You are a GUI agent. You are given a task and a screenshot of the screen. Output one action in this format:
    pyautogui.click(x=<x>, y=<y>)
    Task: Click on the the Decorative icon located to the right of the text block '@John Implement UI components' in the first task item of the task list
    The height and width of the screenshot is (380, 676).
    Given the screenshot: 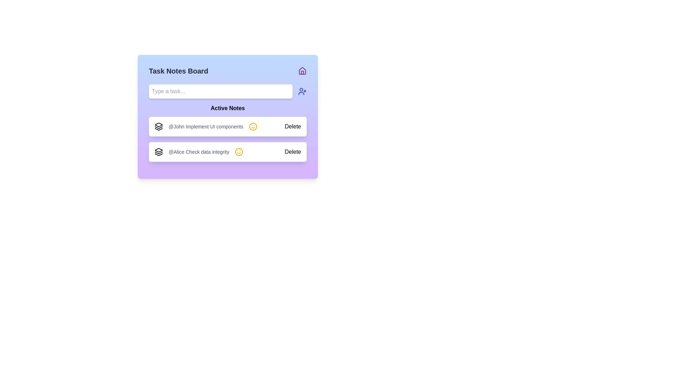 What is the action you would take?
    pyautogui.click(x=253, y=126)
    